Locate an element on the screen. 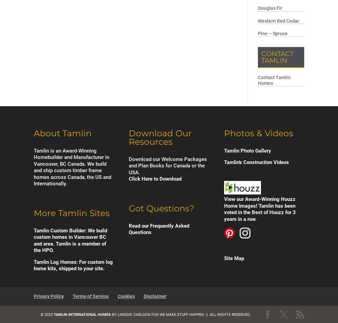 This screenshot has width=338, height=323. 'Download Our Resources' is located at coordinates (160, 137).